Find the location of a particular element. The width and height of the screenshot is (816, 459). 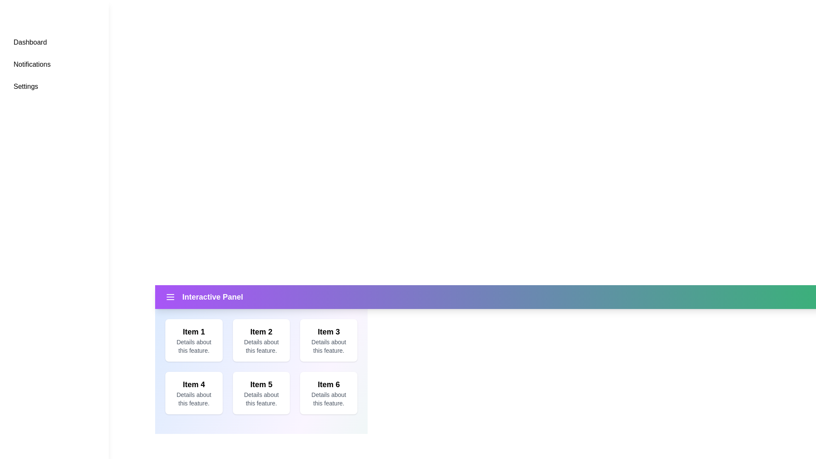

the three-line menu button located in the purple header of the Interactive Panel is located at coordinates (170, 296).